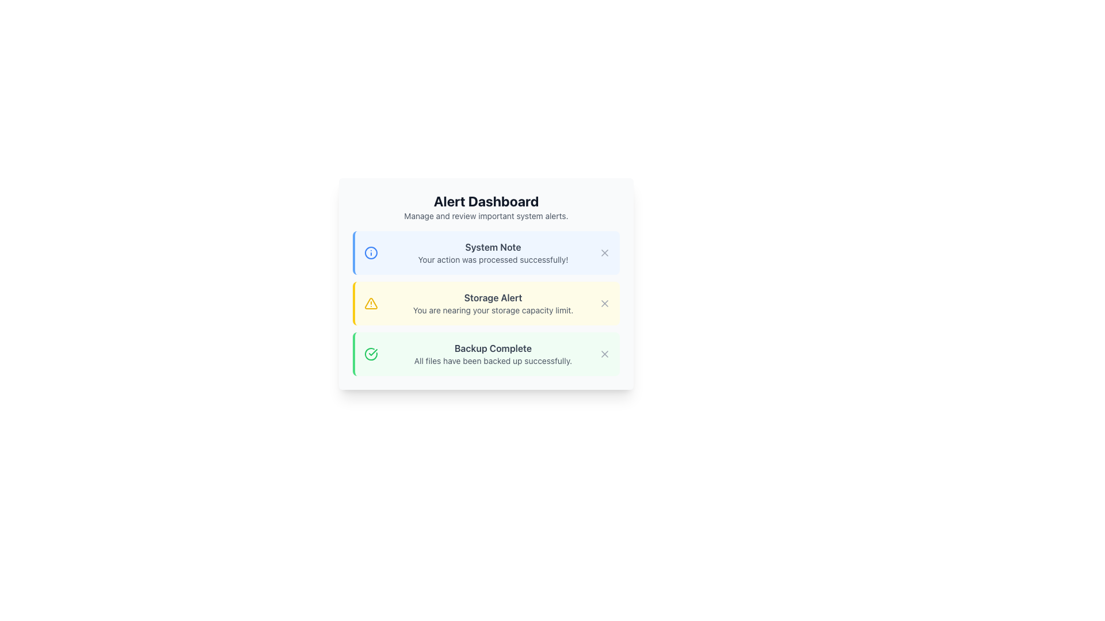 Image resolution: width=1105 pixels, height=621 pixels. What do you see at coordinates (493, 303) in the screenshot?
I see `the informational Text Label that indicates nearing storage capacity limit, located in the middle notification section of the 'Alert Dashboard', positioned between 'System Note' and 'Backup Complete' notifications` at bounding box center [493, 303].